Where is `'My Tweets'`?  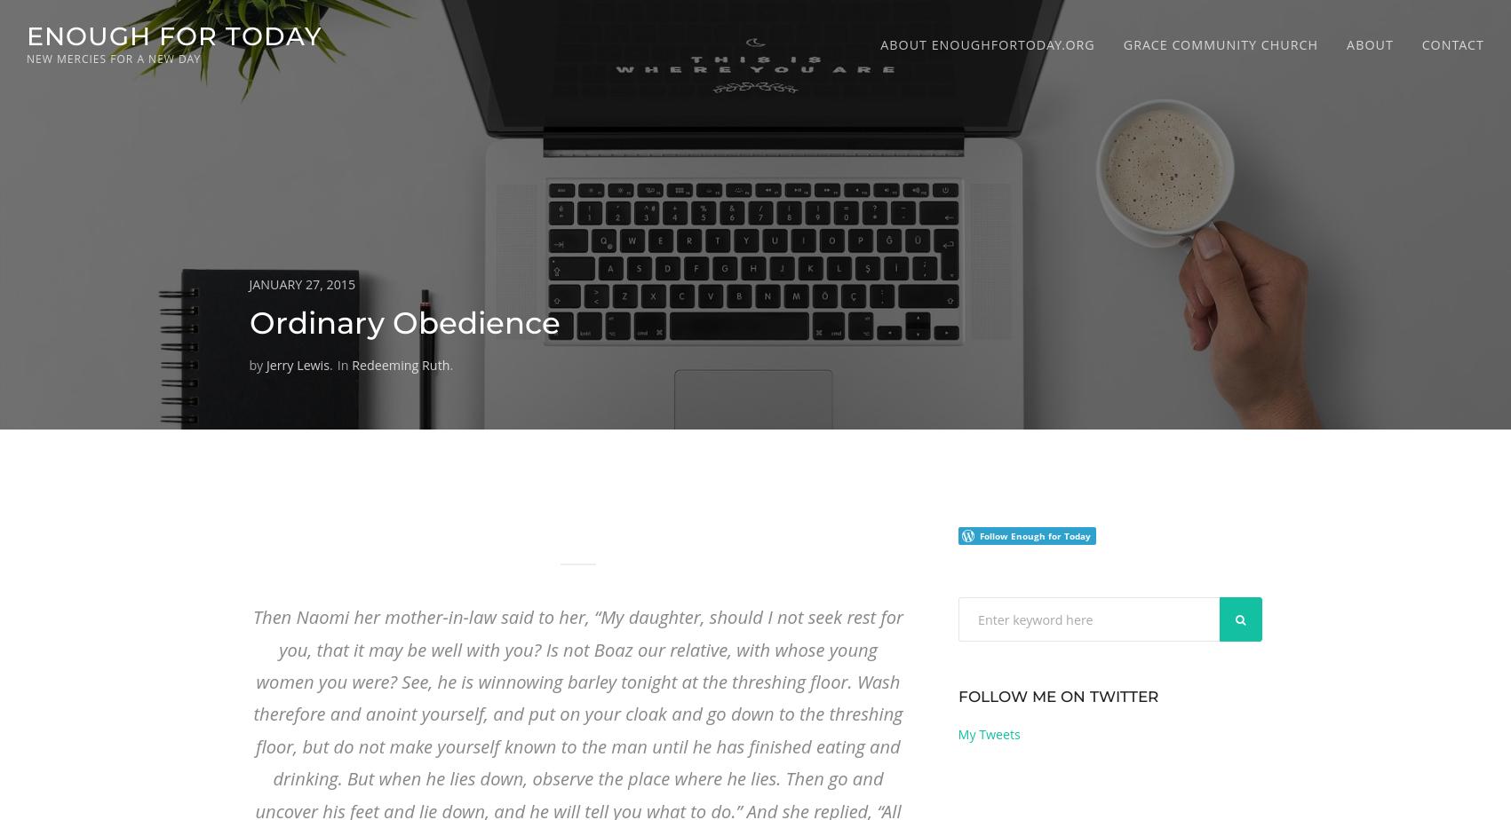 'My Tweets' is located at coordinates (987, 734).